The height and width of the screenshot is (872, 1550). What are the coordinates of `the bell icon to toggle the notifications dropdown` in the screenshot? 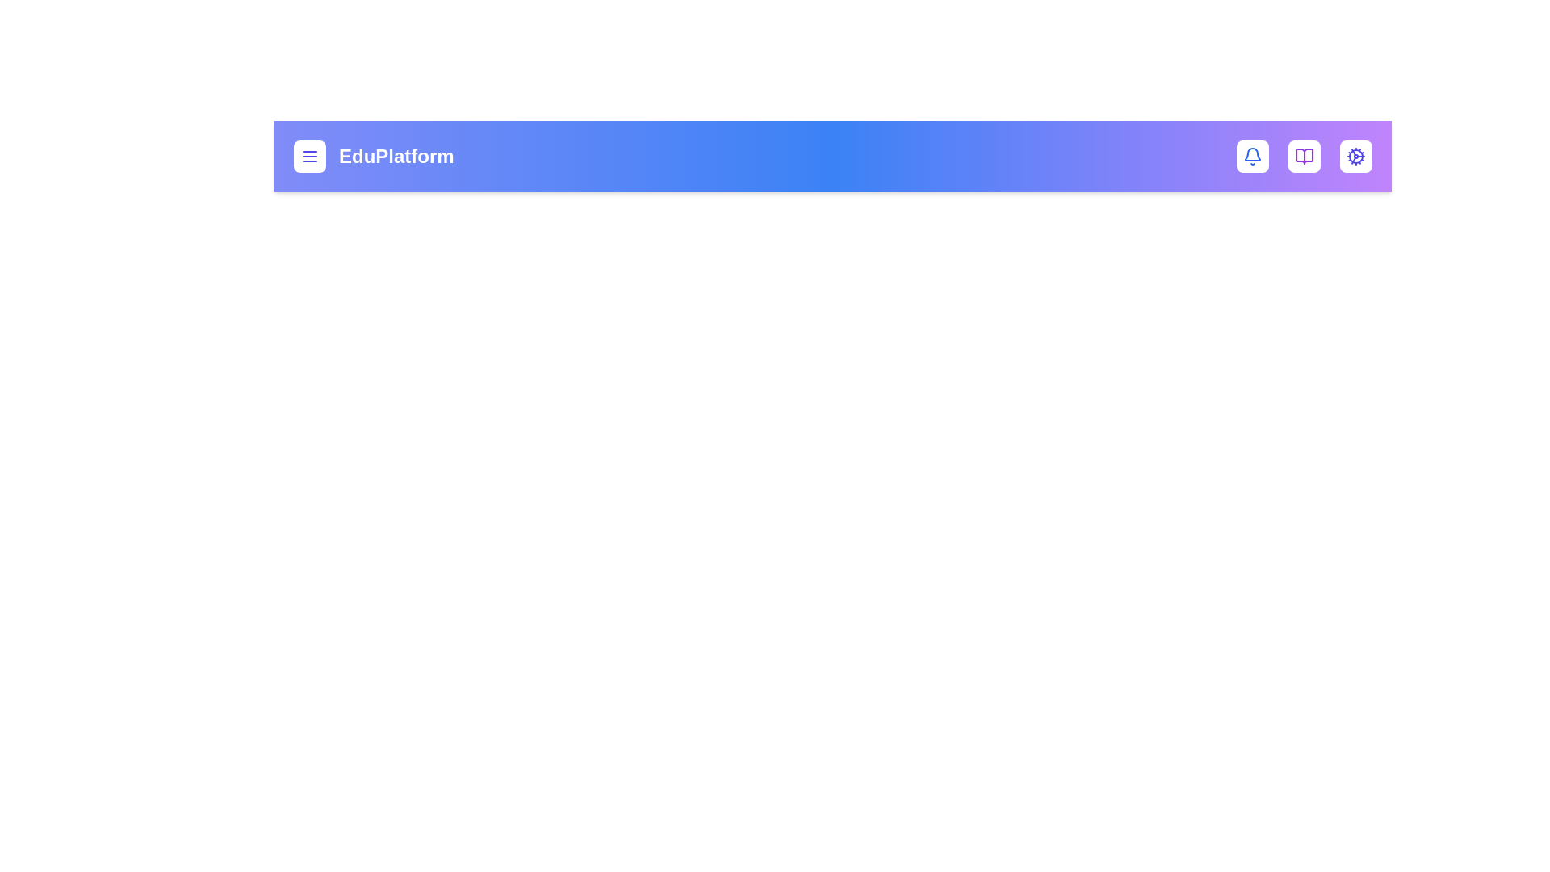 It's located at (1251, 156).